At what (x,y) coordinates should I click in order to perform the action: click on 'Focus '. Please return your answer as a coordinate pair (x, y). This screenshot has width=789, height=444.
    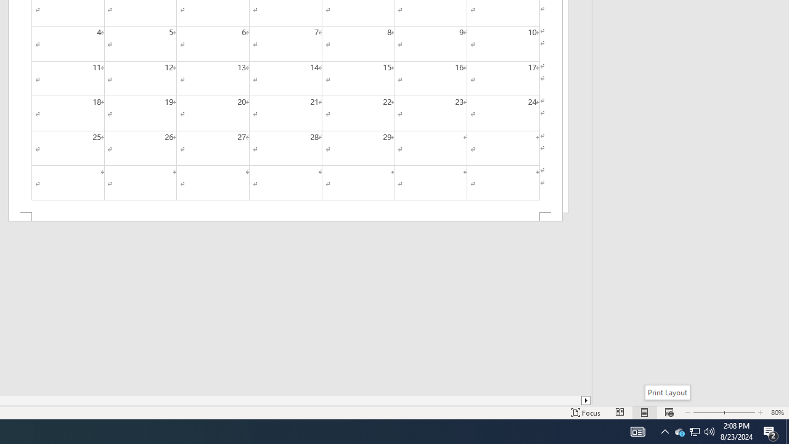
    Looking at the image, I should click on (586, 413).